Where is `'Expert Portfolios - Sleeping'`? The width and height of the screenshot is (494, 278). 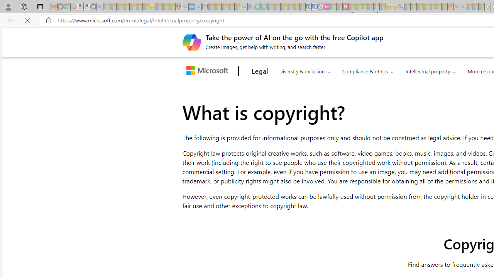
'Expert Portfolios - Sleeping' is located at coordinates (425, 7).